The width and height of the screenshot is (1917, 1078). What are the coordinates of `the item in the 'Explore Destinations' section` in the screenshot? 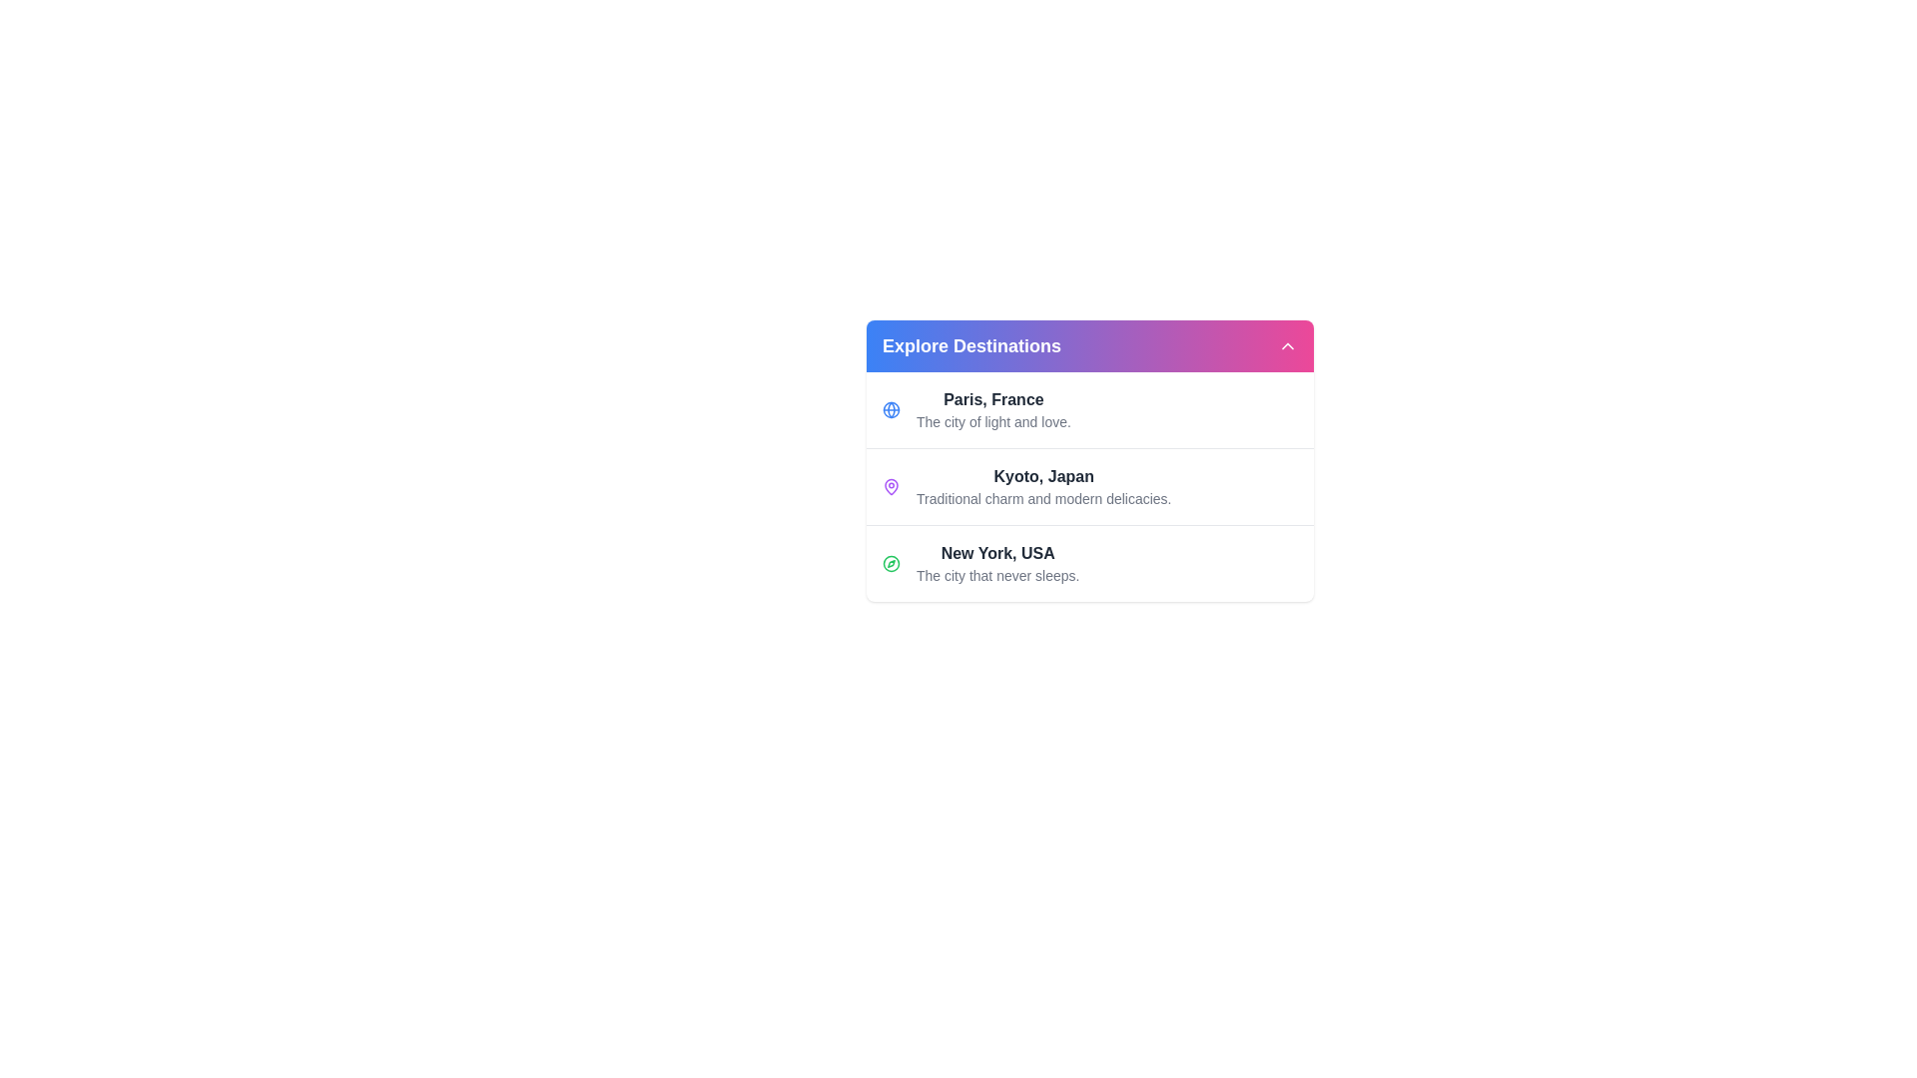 It's located at (1088, 461).